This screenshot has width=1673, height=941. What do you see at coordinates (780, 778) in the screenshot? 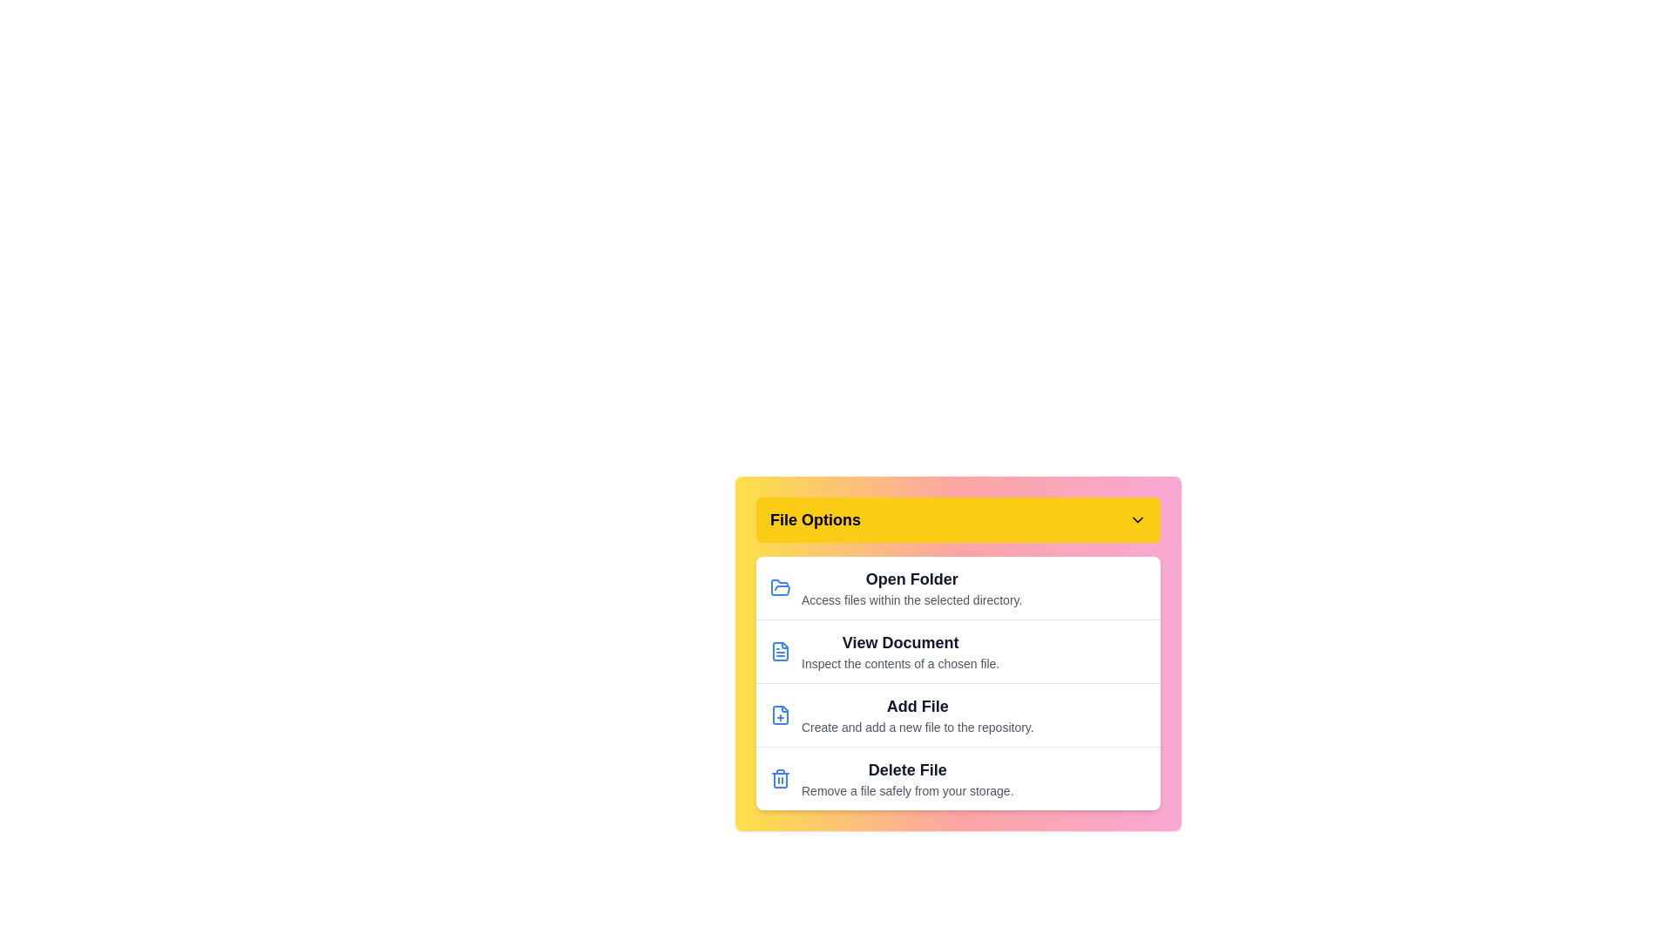
I see `the trash can icon, which is the leftmost component in the 'Delete File' option, to trigger the delete action` at bounding box center [780, 778].